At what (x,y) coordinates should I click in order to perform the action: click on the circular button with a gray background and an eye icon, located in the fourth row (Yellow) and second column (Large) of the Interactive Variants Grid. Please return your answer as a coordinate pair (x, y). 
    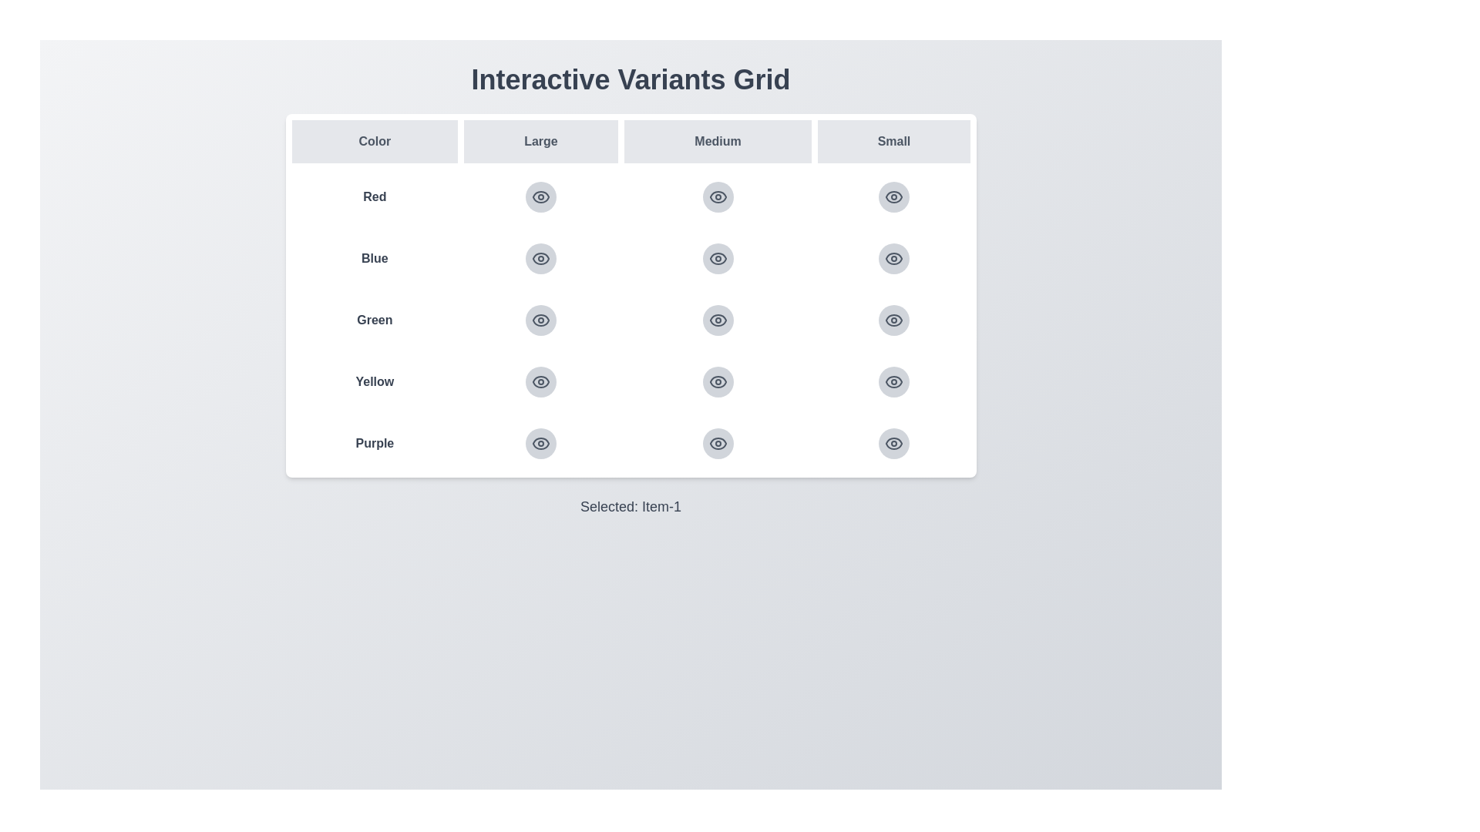
    Looking at the image, I should click on (540, 381).